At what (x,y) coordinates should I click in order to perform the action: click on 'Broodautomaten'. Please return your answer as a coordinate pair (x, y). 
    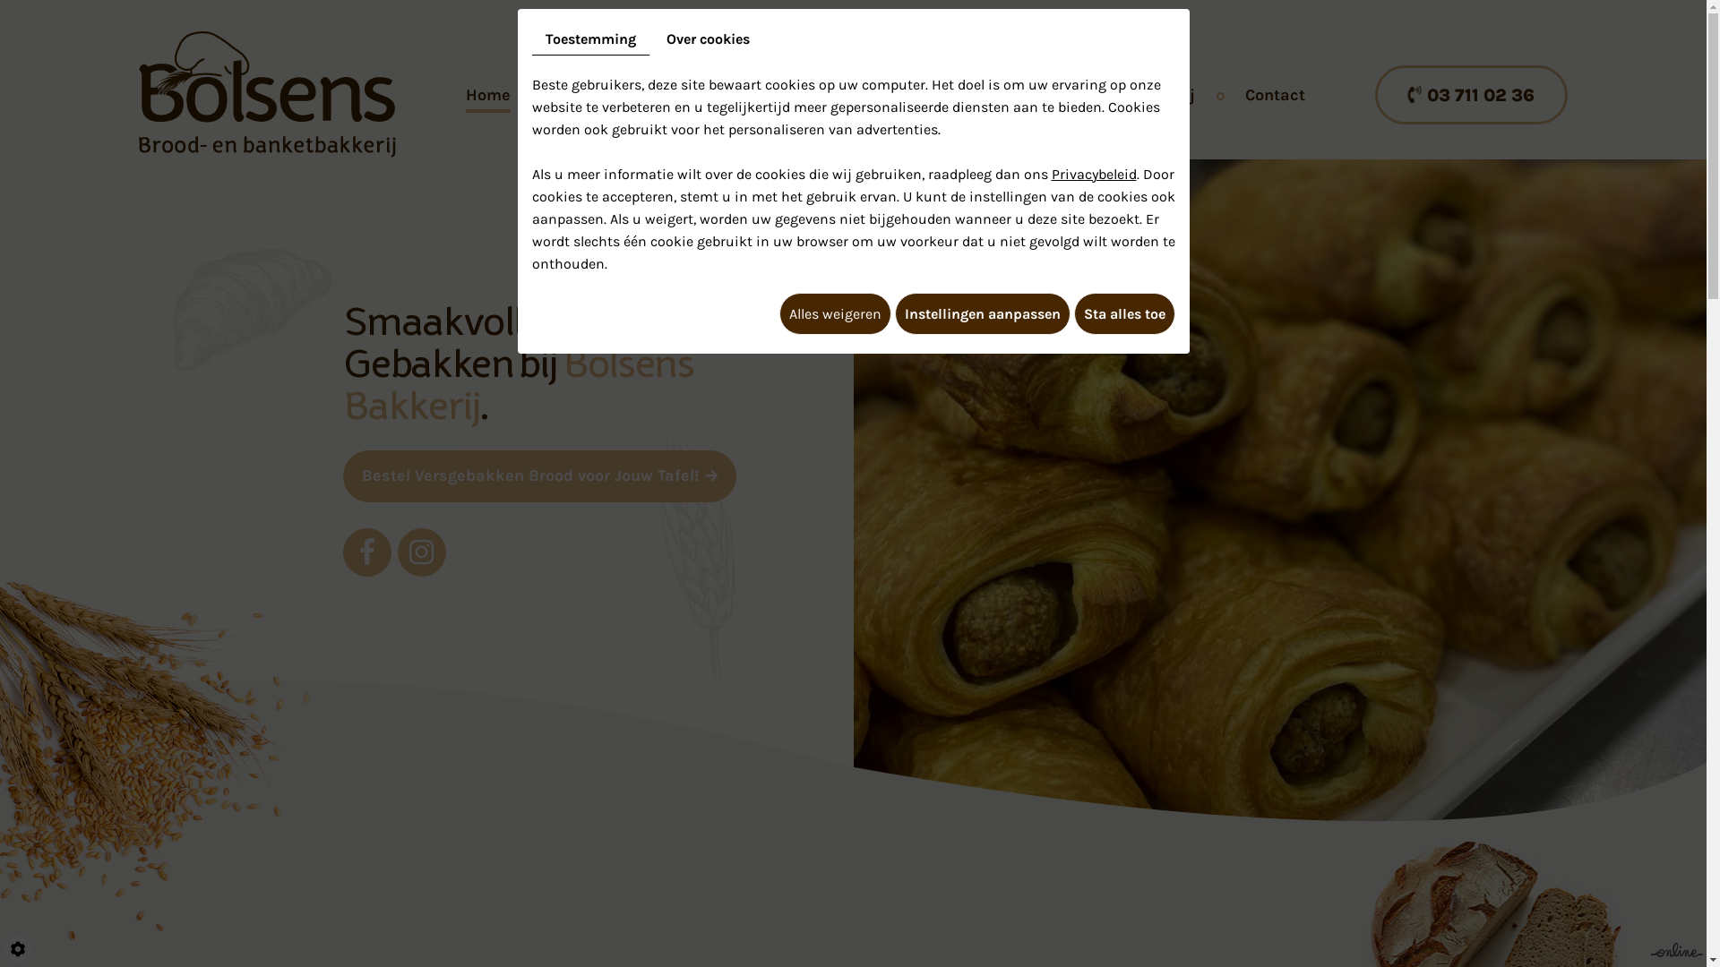
    Looking at the image, I should click on (770, 94).